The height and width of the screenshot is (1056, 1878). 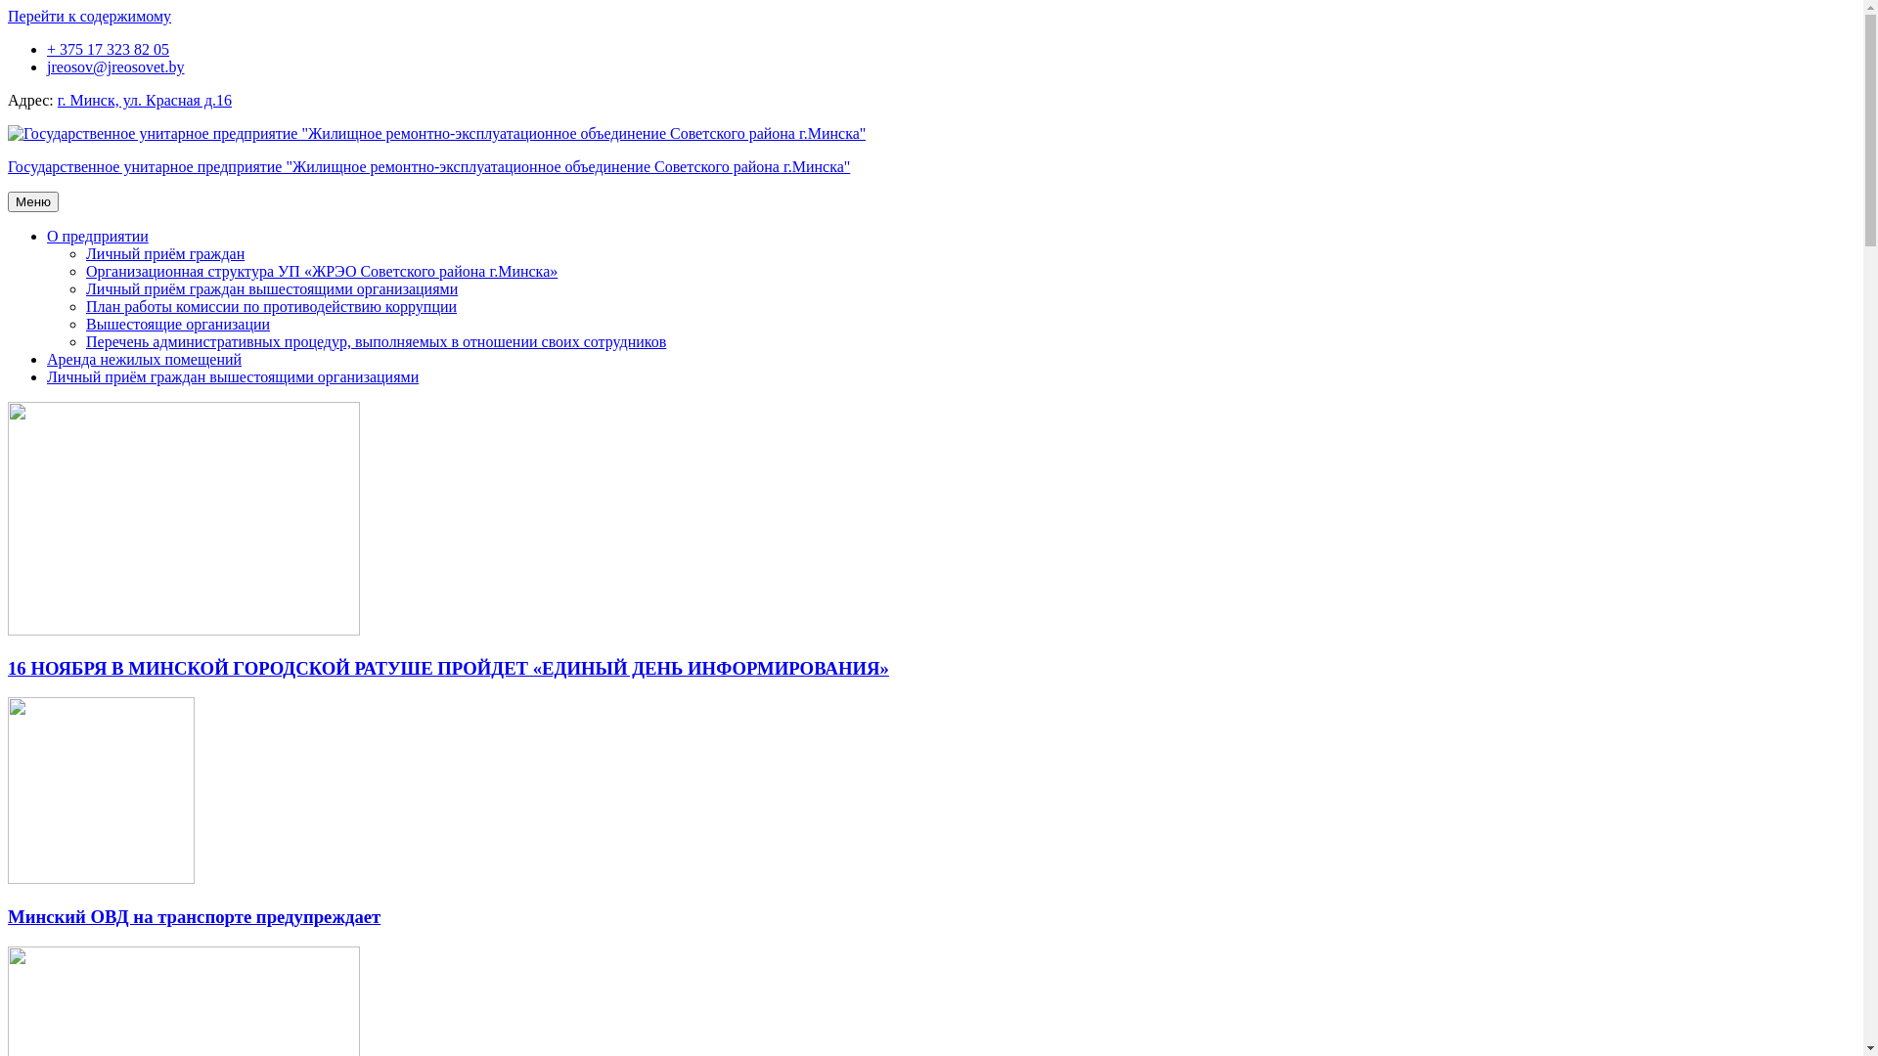 I want to click on 'jreosov@jreosovet.by', so click(x=114, y=66).